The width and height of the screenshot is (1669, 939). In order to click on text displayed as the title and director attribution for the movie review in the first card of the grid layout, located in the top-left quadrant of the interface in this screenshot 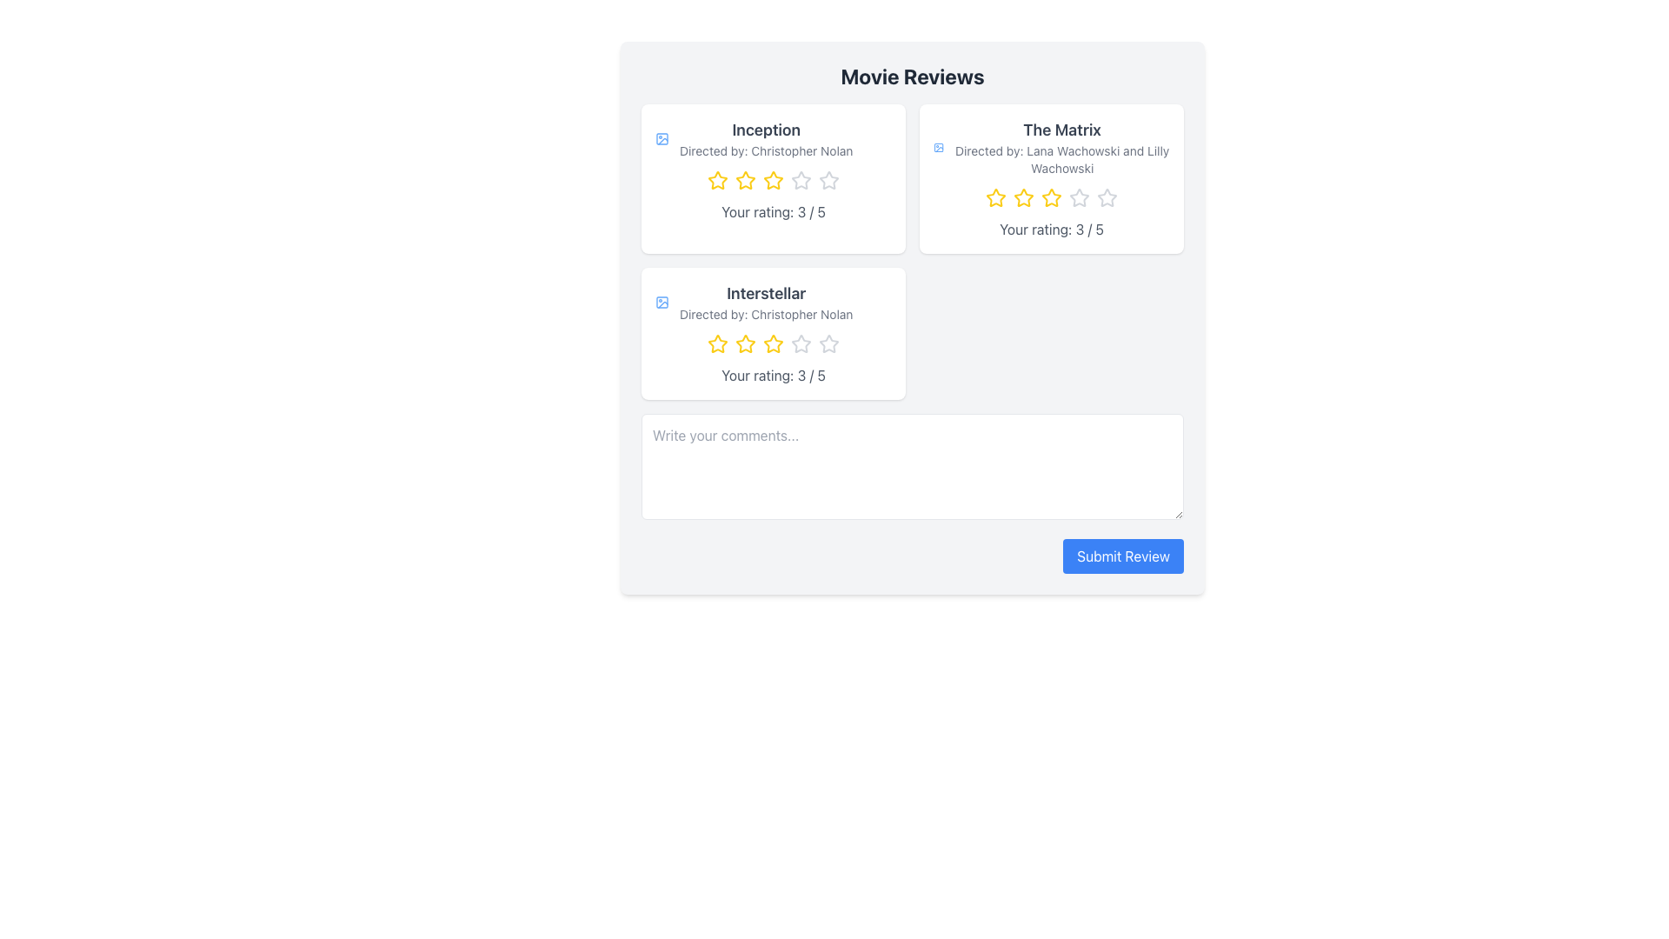, I will do `click(765, 137)`.